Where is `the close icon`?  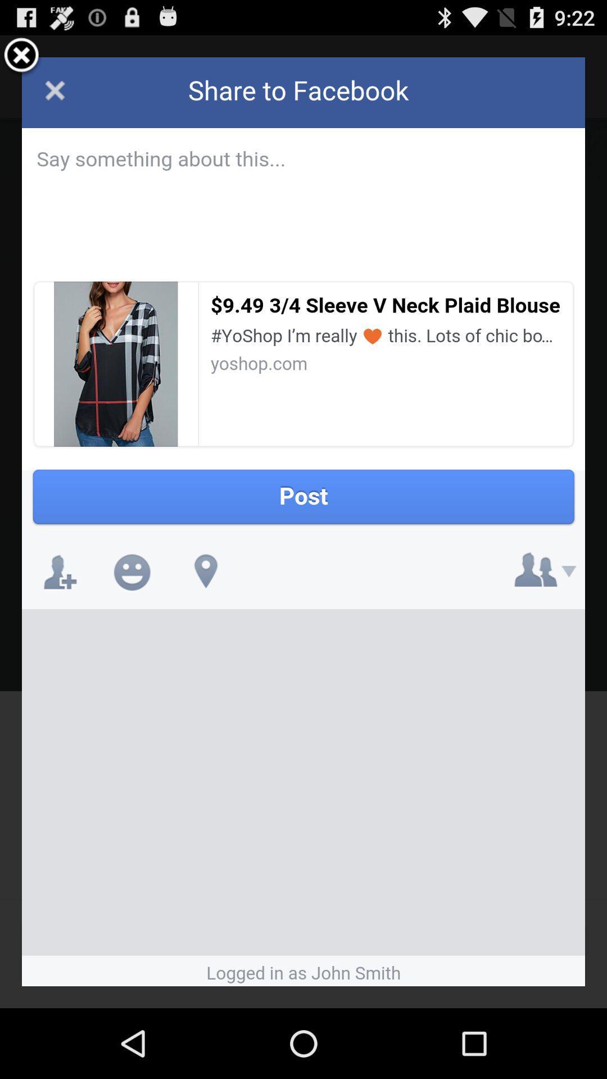 the close icon is located at coordinates (21, 60).